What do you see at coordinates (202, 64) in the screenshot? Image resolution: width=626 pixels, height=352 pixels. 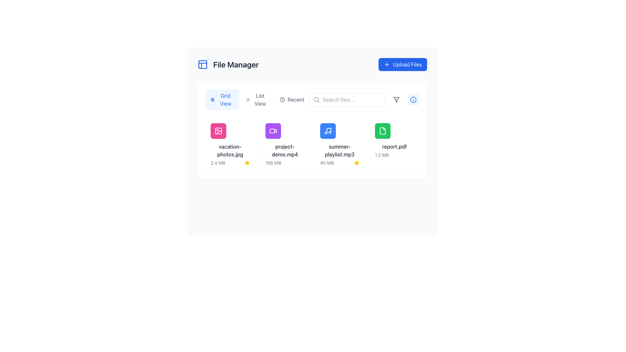 I see `the blue grid icon located to the immediate left of the 'File Manager' text in the header` at bounding box center [202, 64].